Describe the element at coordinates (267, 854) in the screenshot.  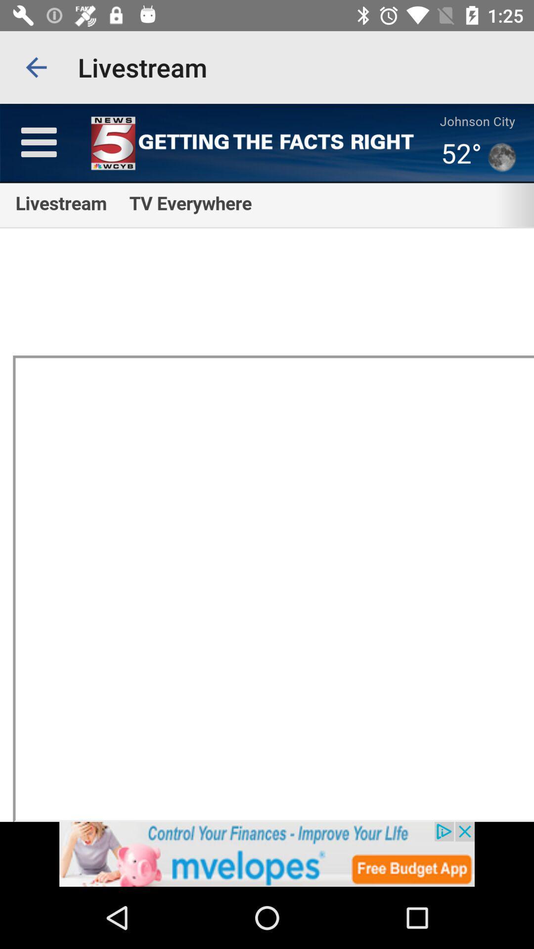
I see `advertisement` at that location.